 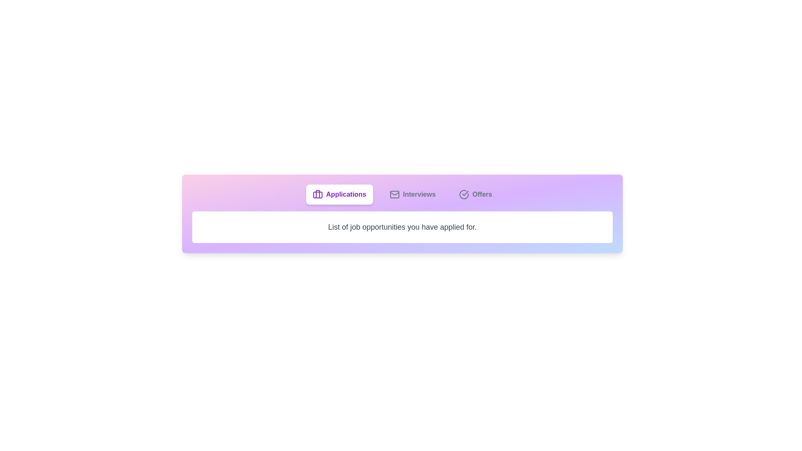 I want to click on the 'Interviews' tab to view its content, so click(x=413, y=195).